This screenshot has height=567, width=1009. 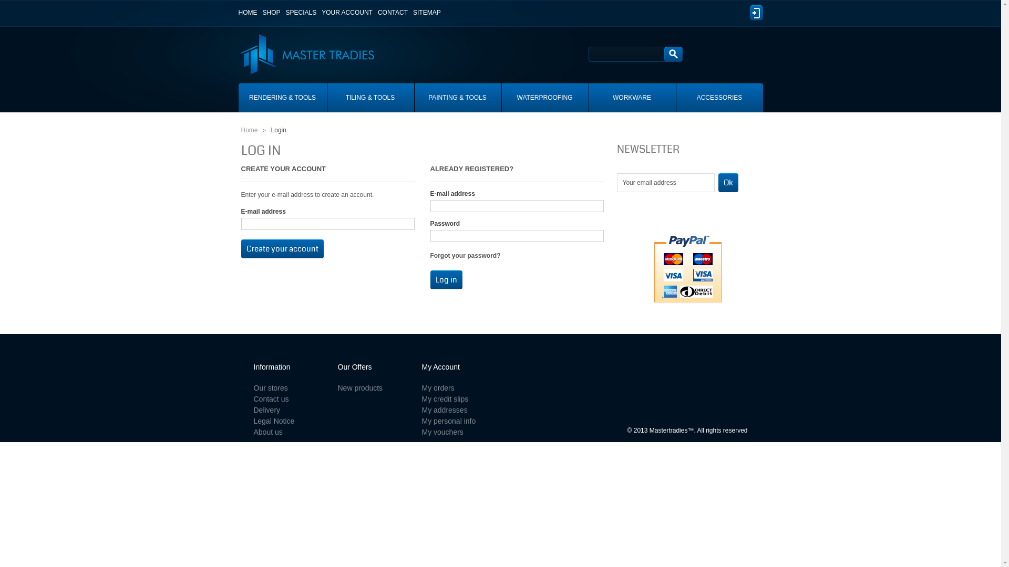 I want to click on 'WATERPROOFING', so click(x=544, y=98).